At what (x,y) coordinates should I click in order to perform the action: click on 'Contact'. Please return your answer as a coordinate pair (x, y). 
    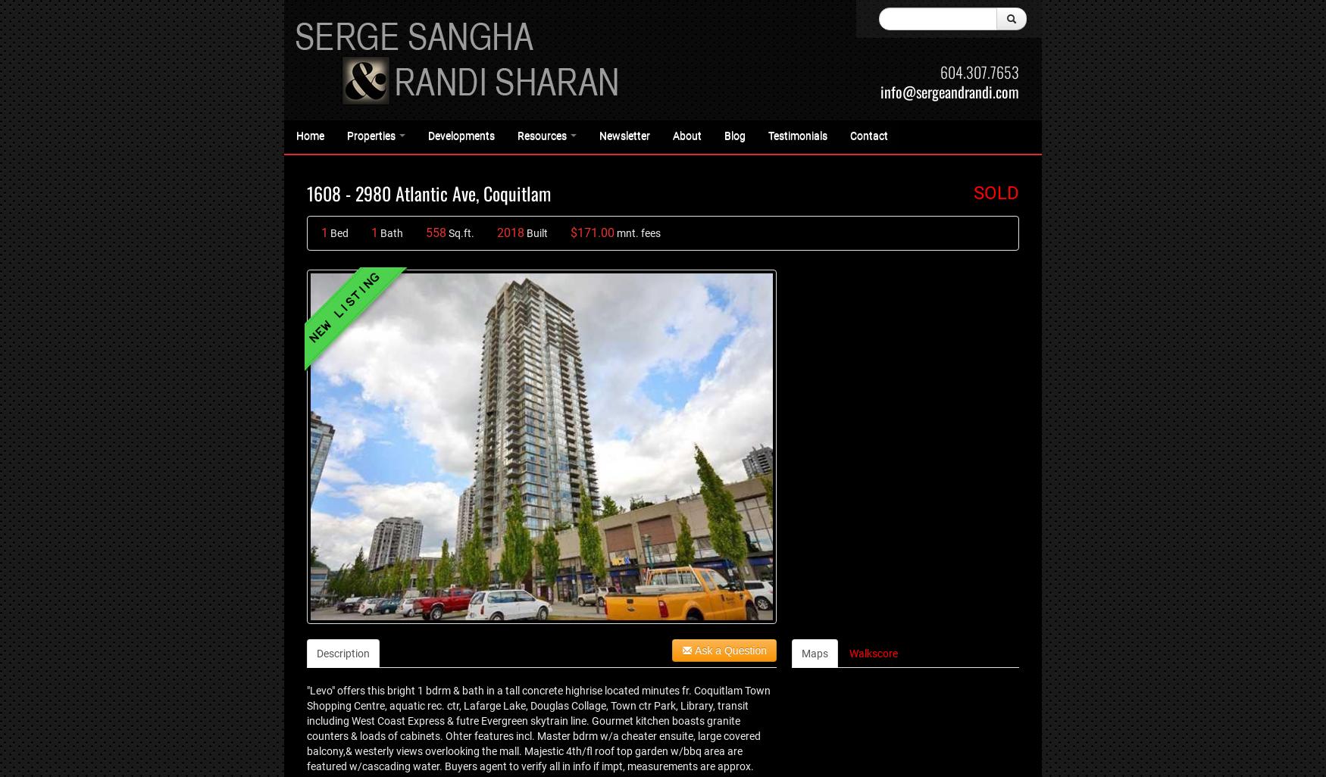
    Looking at the image, I should click on (868, 135).